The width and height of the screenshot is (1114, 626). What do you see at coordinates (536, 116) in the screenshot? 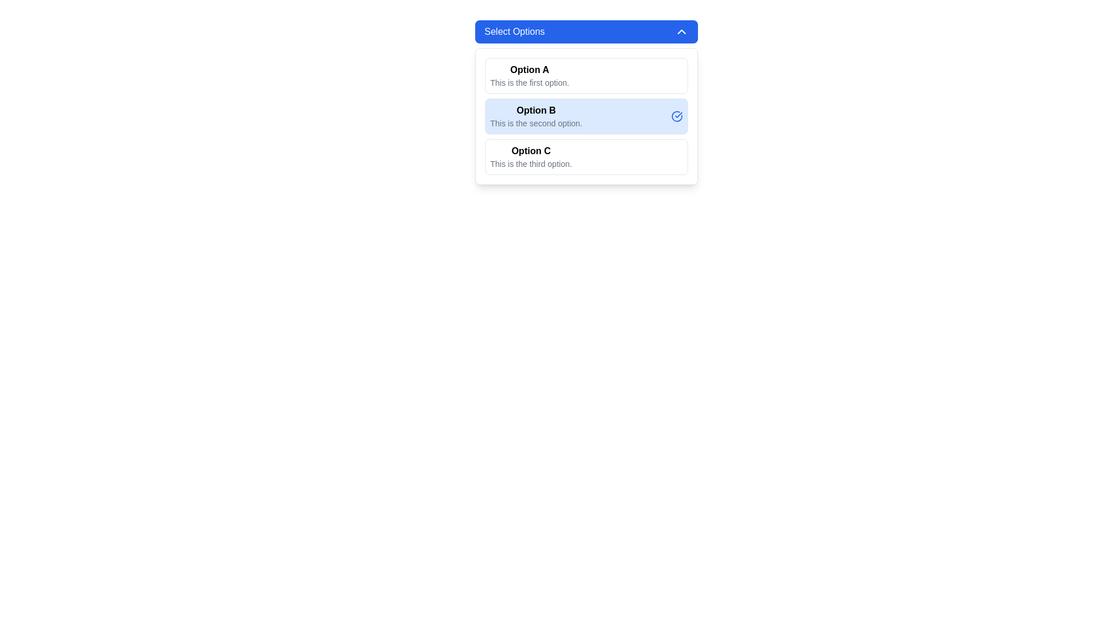
I see `the selectable list item labeled 'Option B'` at bounding box center [536, 116].